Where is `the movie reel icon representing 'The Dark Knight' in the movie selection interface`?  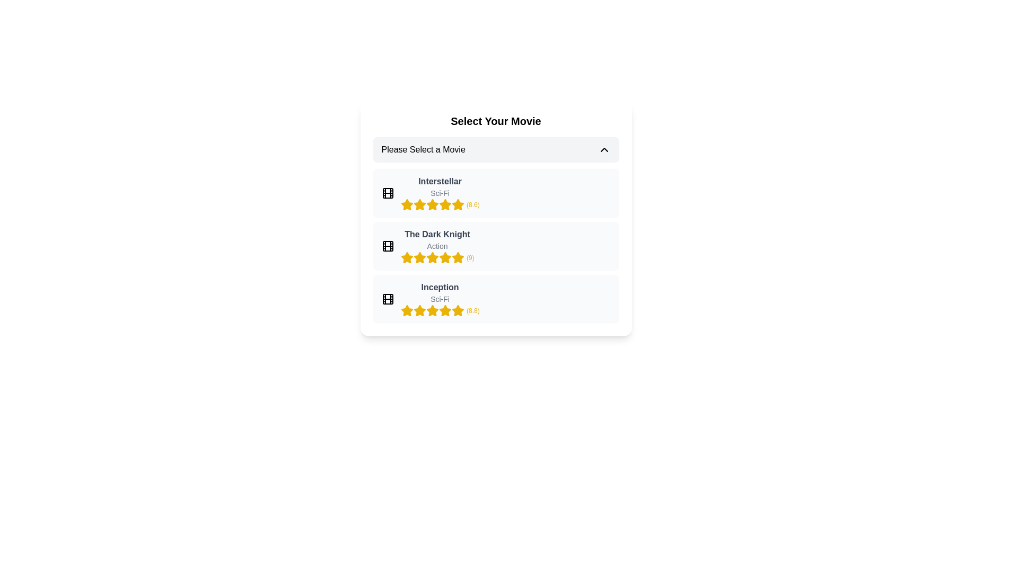 the movie reel icon representing 'The Dark Knight' in the movie selection interface is located at coordinates (387, 246).